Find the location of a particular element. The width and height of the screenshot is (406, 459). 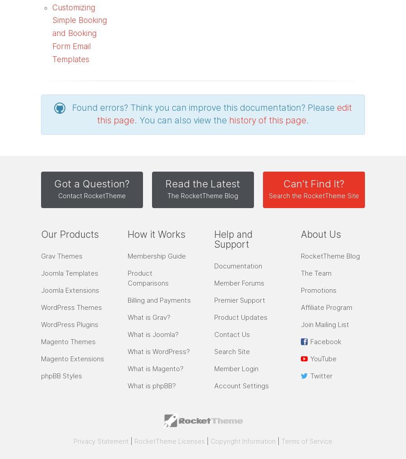

'Magento Themes' is located at coordinates (68, 341).